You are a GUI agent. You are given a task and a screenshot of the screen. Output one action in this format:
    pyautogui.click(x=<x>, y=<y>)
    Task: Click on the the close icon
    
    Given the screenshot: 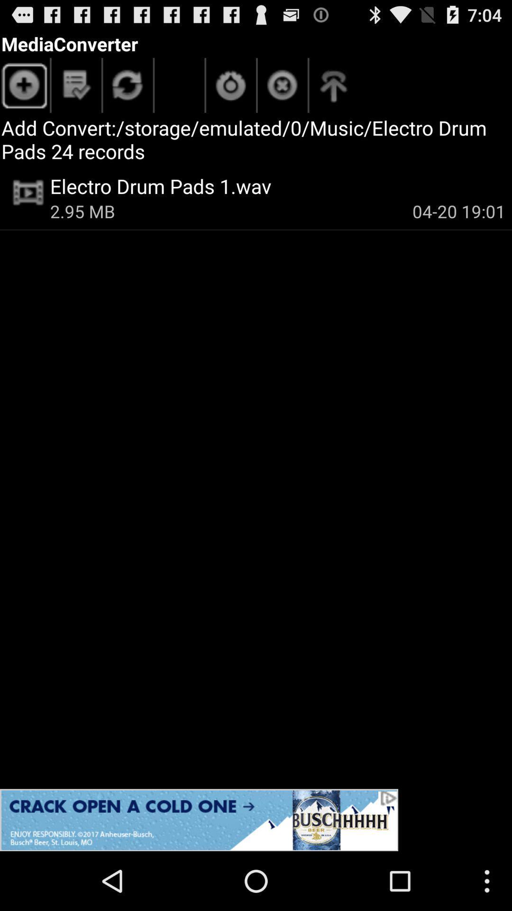 What is the action you would take?
    pyautogui.click(x=282, y=94)
    